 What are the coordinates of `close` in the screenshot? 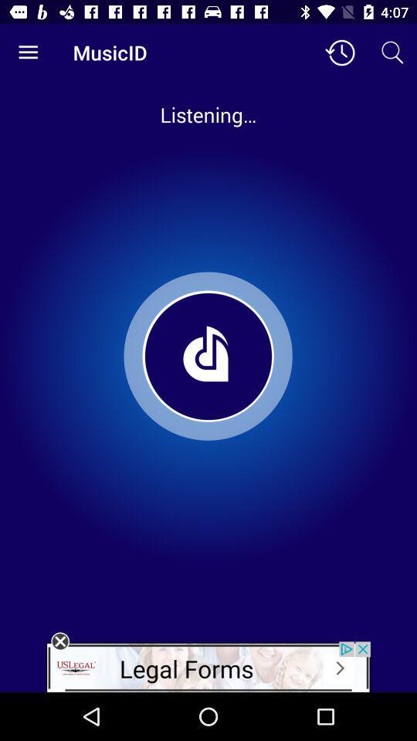 It's located at (59, 641).